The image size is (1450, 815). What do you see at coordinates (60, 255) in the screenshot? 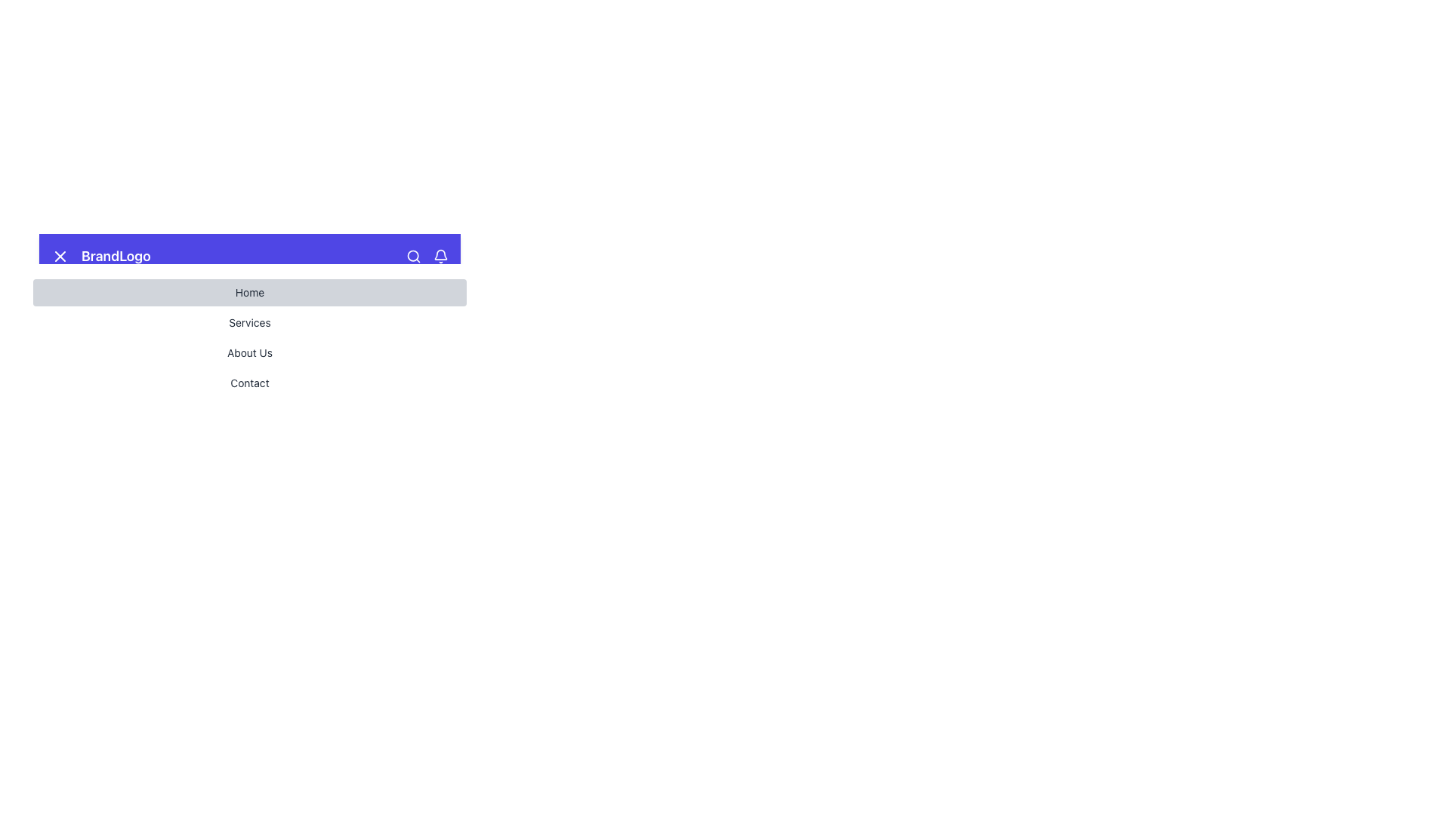
I see `the close icon button, which features a white 'X' on a purple background, located on the leftmost side of the blue header bar` at bounding box center [60, 255].